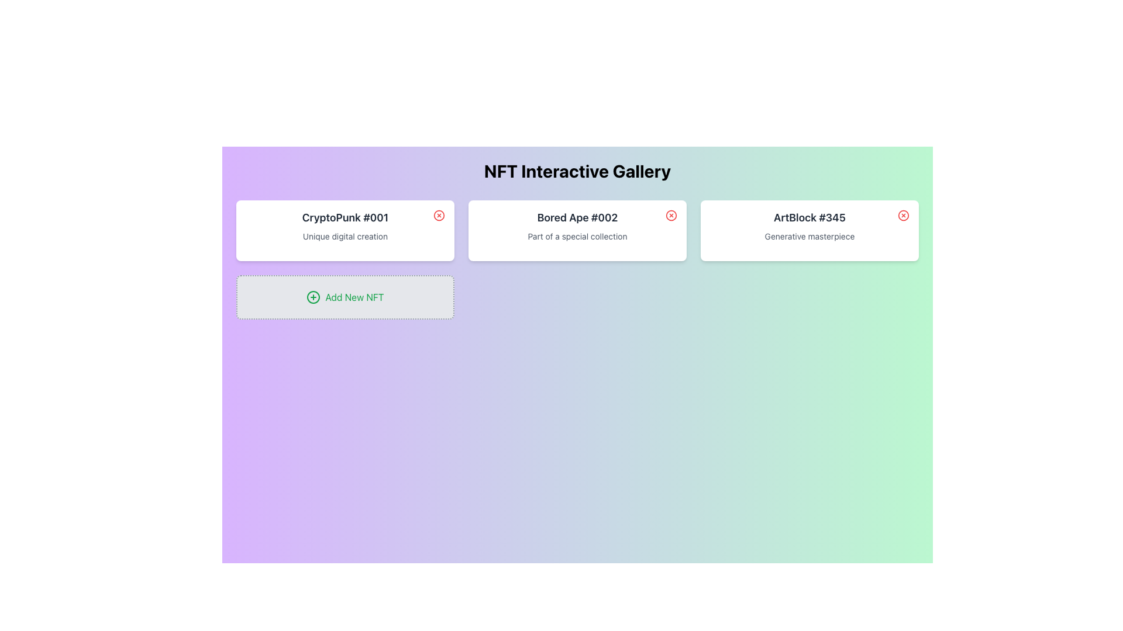 The width and height of the screenshot is (1123, 631). Describe the element at coordinates (438, 216) in the screenshot. I see `the close or remove button located in the upper-right corner of the first card in a horizontal row of three cards` at that location.